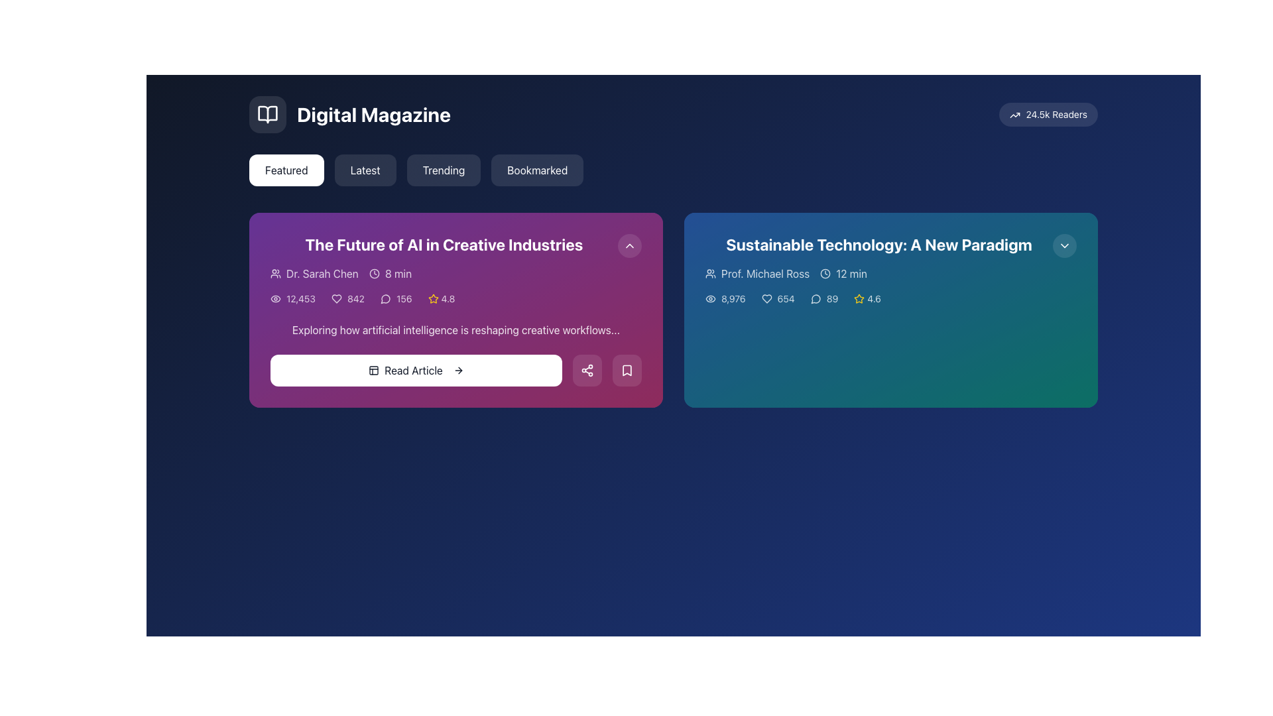 The height and width of the screenshot is (716, 1273). Describe the element at coordinates (395, 299) in the screenshot. I see `displayed numeric count of comments associated with the article, which is the third informational indicator in a horizontal sequence below the article title 'The Future of AI in Creative Industries.'` at that location.